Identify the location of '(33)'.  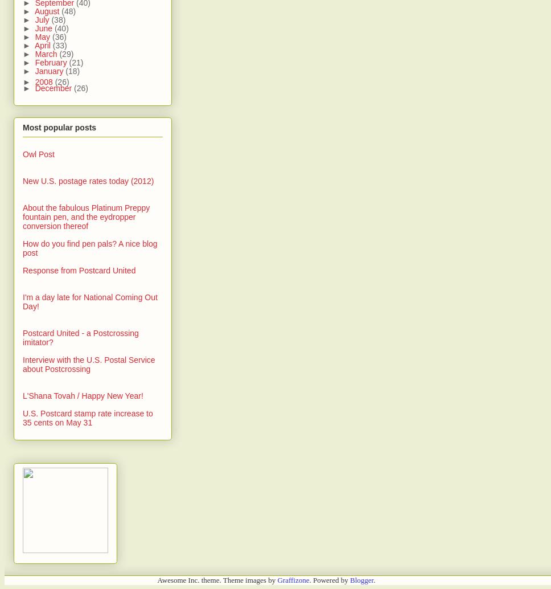
(59, 46).